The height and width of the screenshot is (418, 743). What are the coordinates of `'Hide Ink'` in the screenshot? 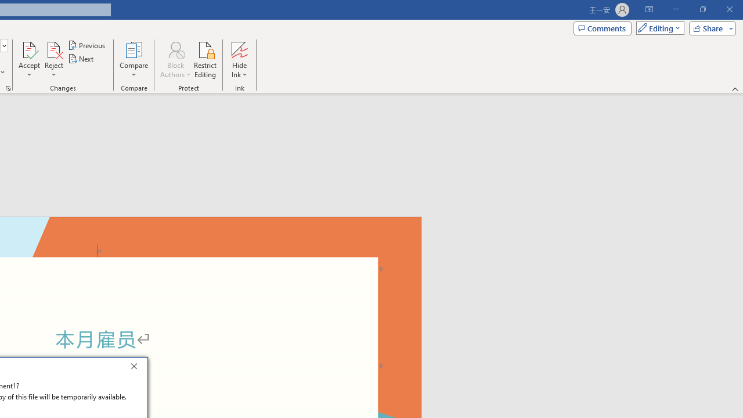 It's located at (239, 49).